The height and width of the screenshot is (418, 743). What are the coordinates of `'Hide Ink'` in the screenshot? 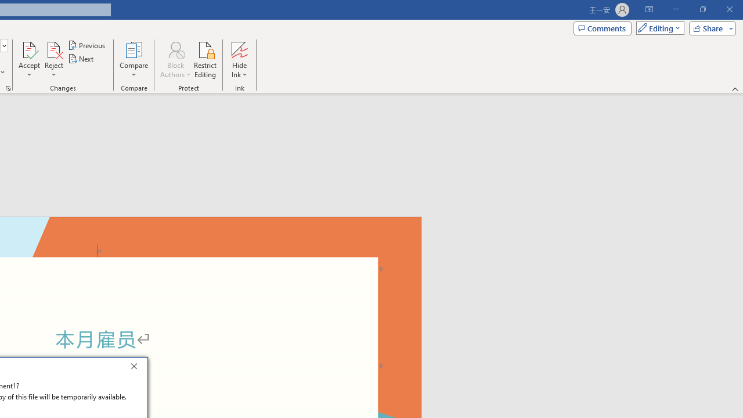 It's located at (239, 49).